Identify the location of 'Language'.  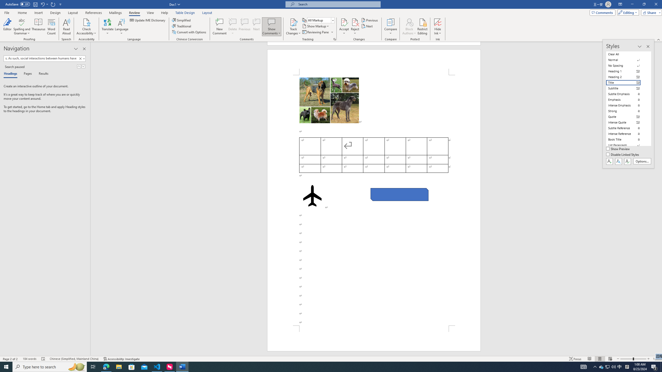
(122, 27).